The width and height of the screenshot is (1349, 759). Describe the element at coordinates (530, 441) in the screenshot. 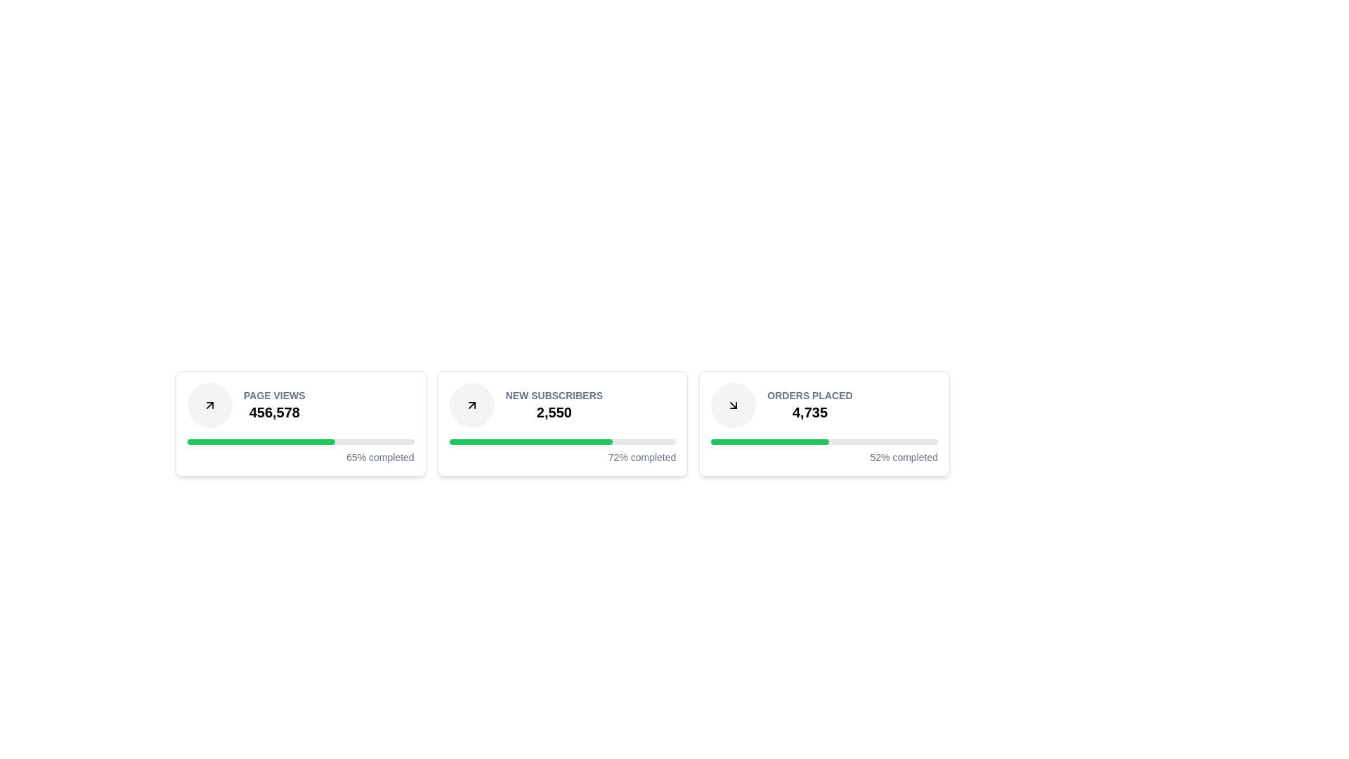

I see `the completion percentage of the green progress bar within the 'NEW SUBSCRIBERS' metric card` at that location.